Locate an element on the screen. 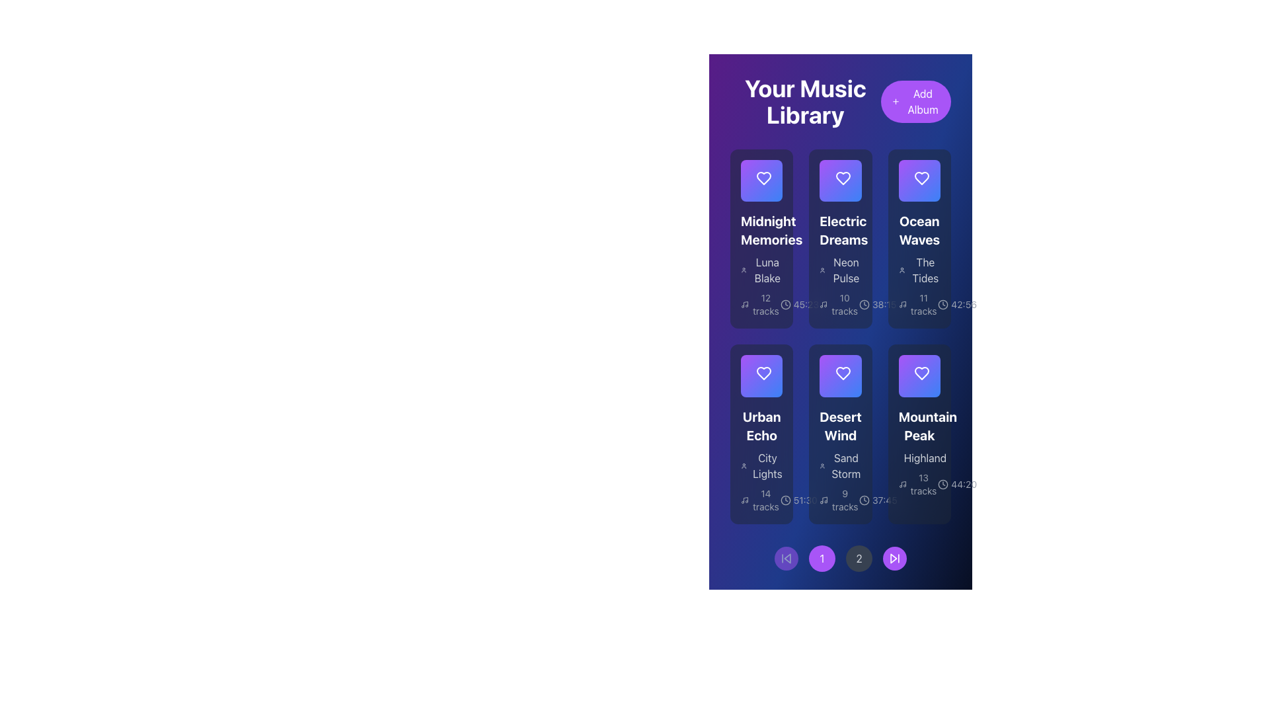  the heart-shaped icon button located at the top center of the 'Ocean Waves' album card is located at coordinates (921, 178).